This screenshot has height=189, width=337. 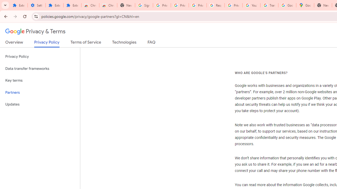 What do you see at coordinates (54, 5) in the screenshot?
I see `'Extensions'` at bounding box center [54, 5].